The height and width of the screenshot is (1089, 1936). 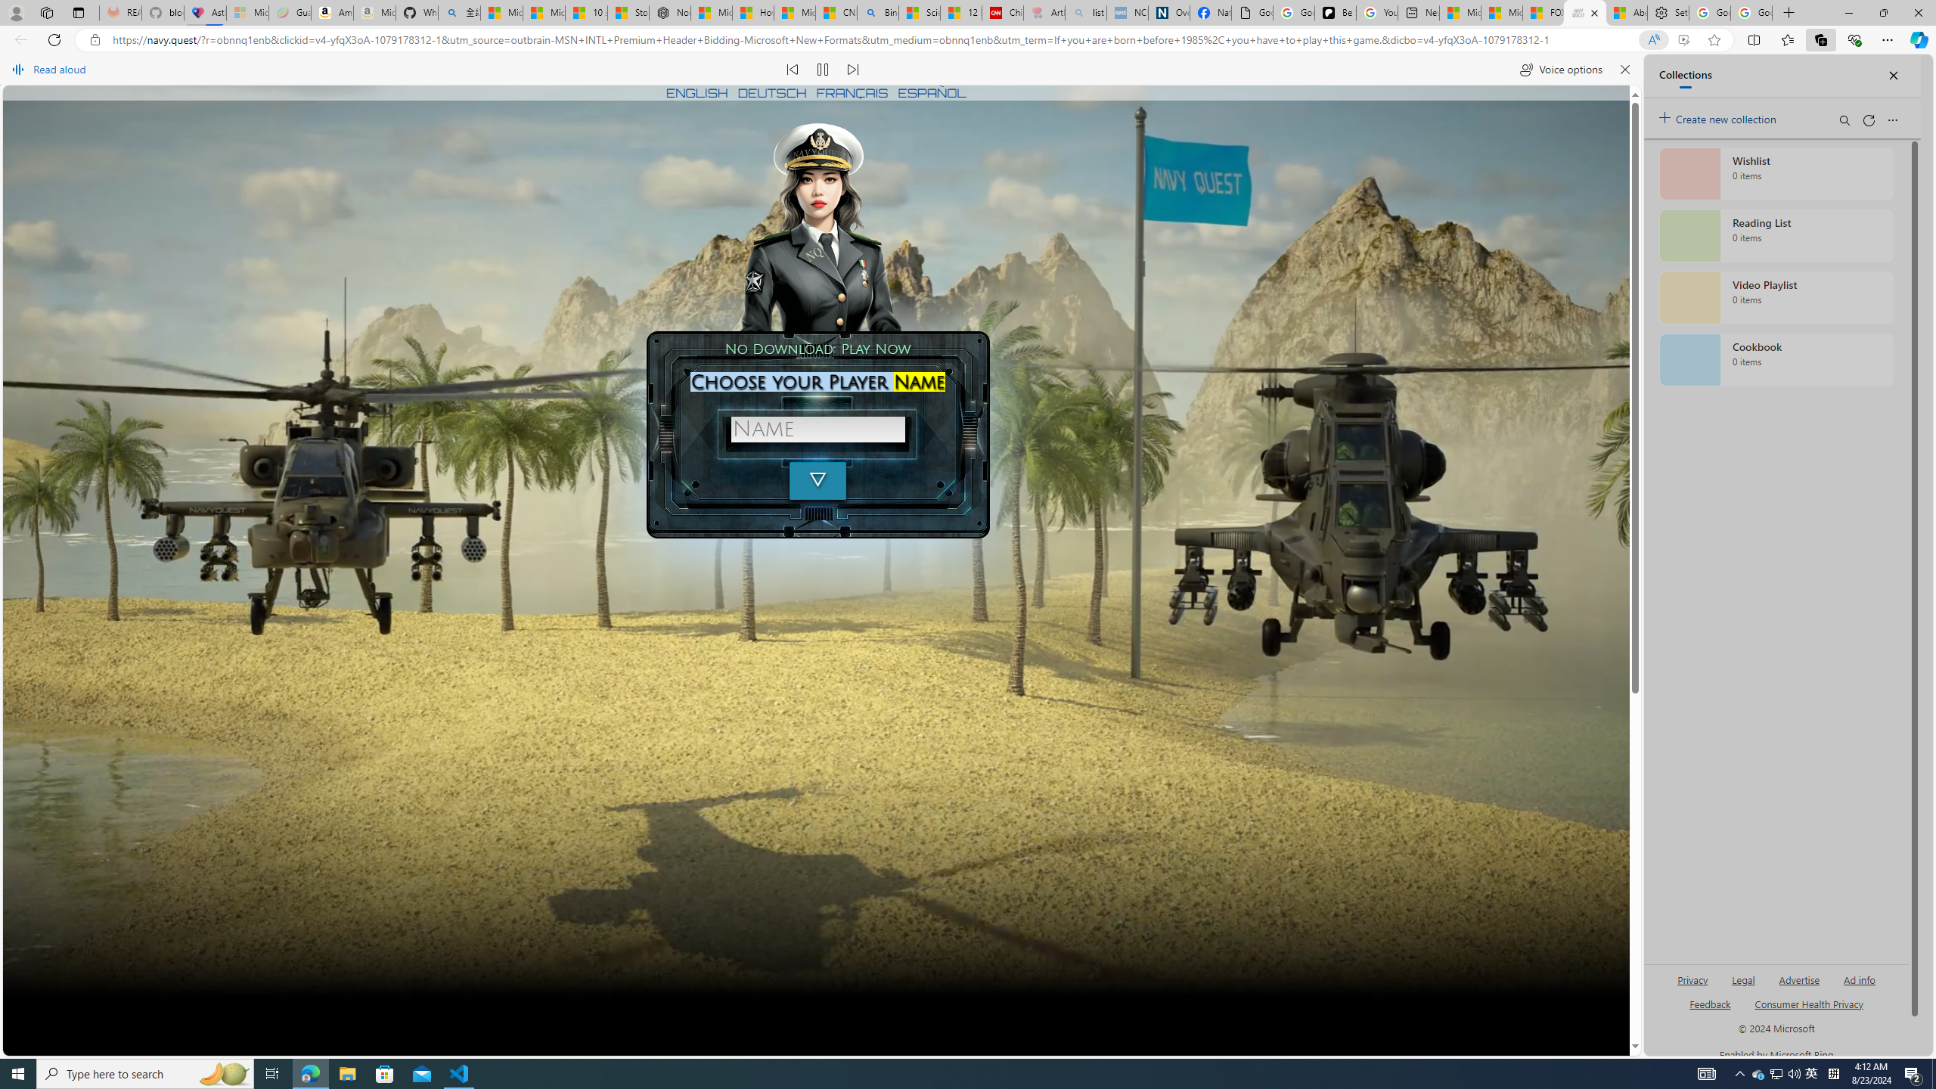 What do you see at coordinates (1848, 12) in the screenshot?
I see `'Minimize'` at bounding box center [1848, 12].